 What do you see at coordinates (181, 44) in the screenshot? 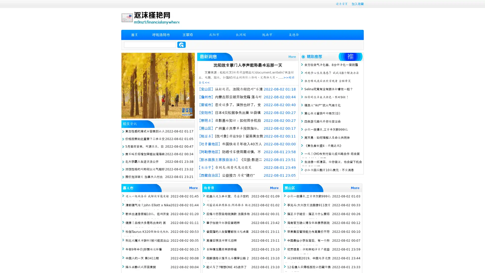
I see `Search` at bounding box center [181, 44].